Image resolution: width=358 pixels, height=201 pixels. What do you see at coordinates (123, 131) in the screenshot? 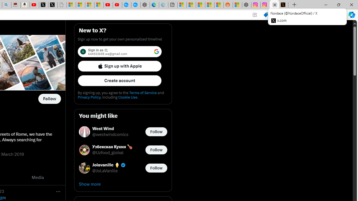
I see `'West Wind @westwindcomics Follow @westwindcomics'` at bounding box center [123, 131].